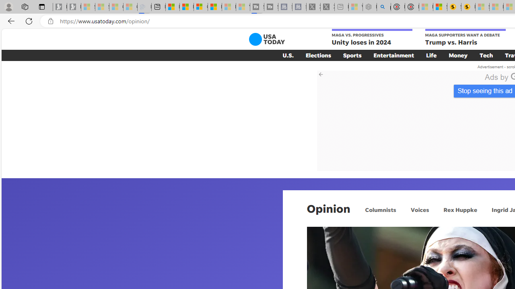 The height and width of the screenshot is (289, 515). I want to click on 'Entertainment', so click(393, 55).